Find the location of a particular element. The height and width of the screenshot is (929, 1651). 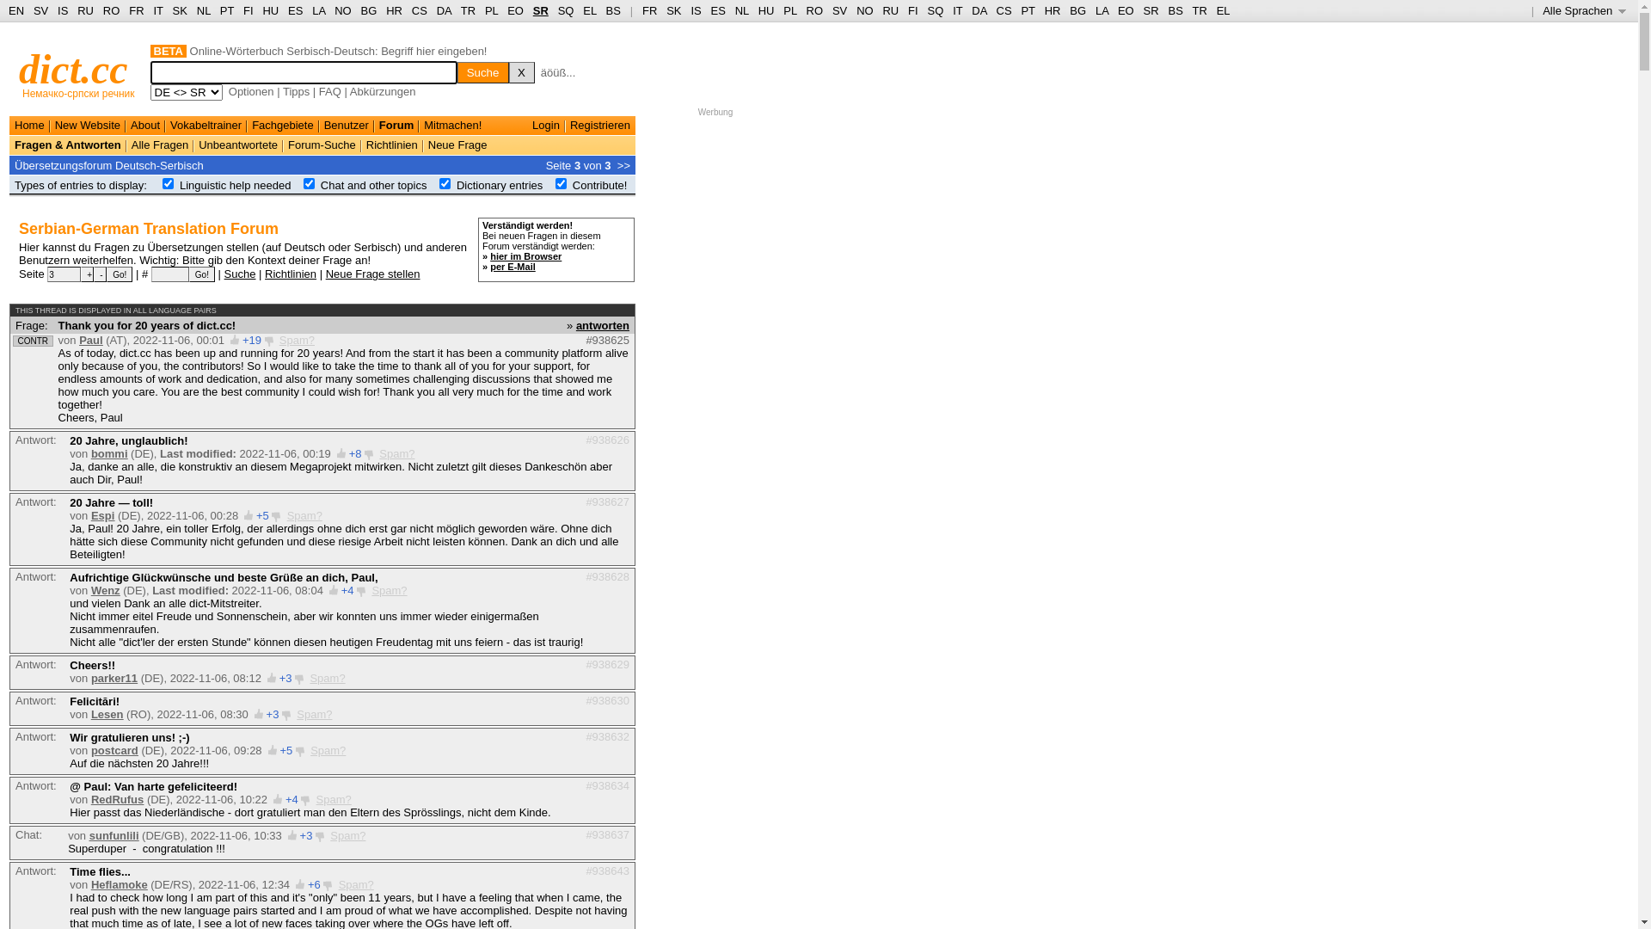

'HR' is located at coordinates (393, 10).